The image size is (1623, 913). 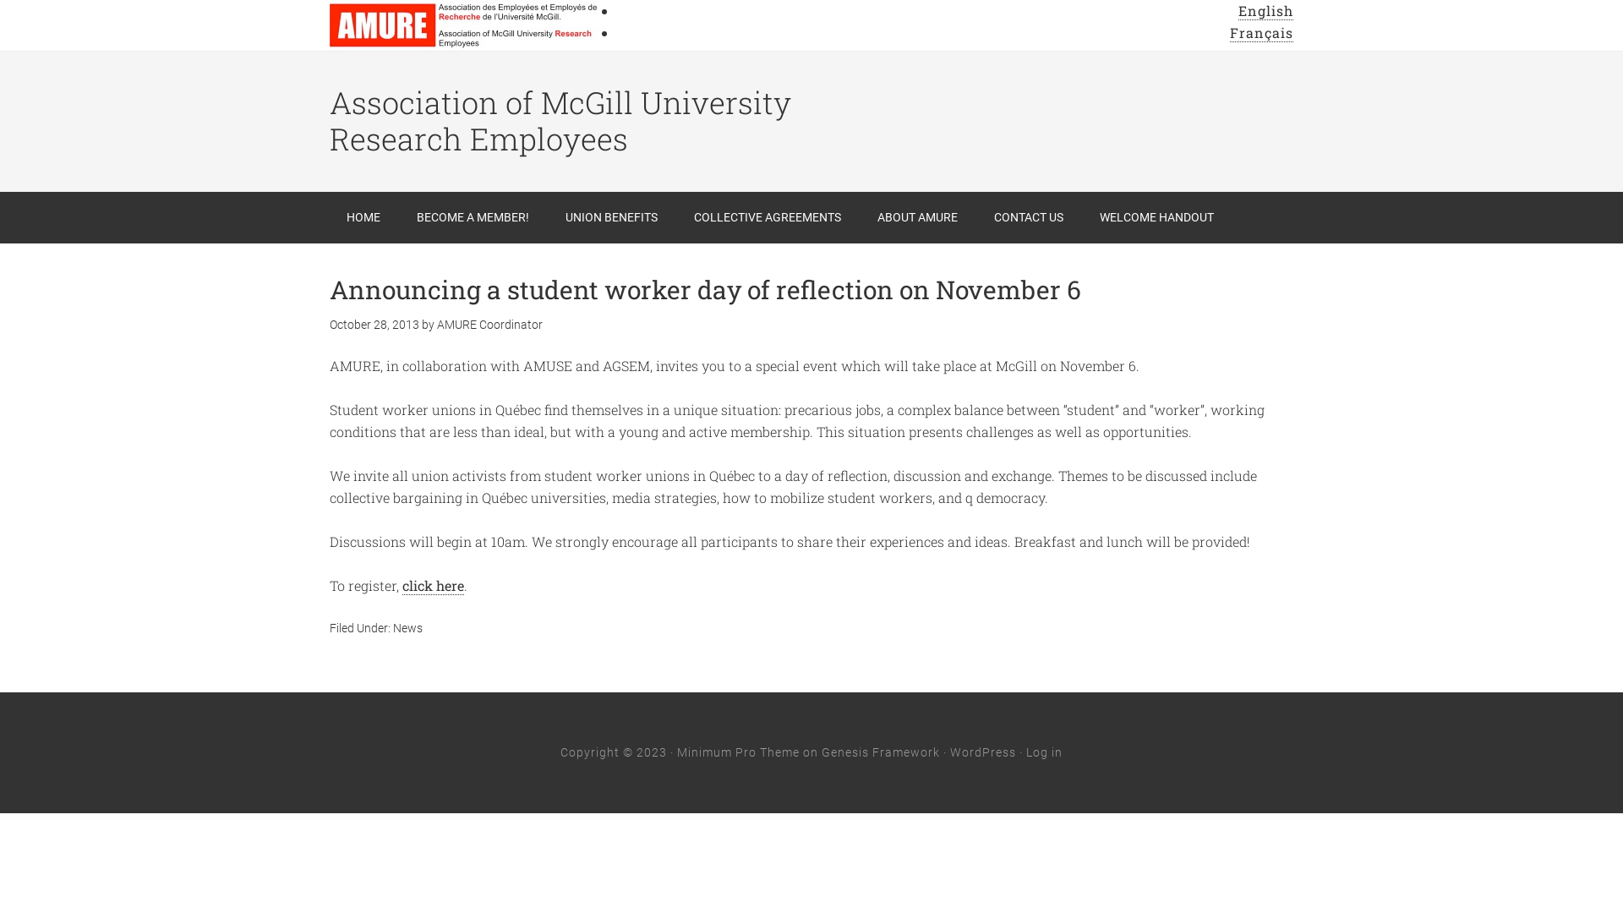 What do you see at coordinates (879, 752) in the screenshot?
I see `'Genesis Framework'` at bounding box center [879, 752].